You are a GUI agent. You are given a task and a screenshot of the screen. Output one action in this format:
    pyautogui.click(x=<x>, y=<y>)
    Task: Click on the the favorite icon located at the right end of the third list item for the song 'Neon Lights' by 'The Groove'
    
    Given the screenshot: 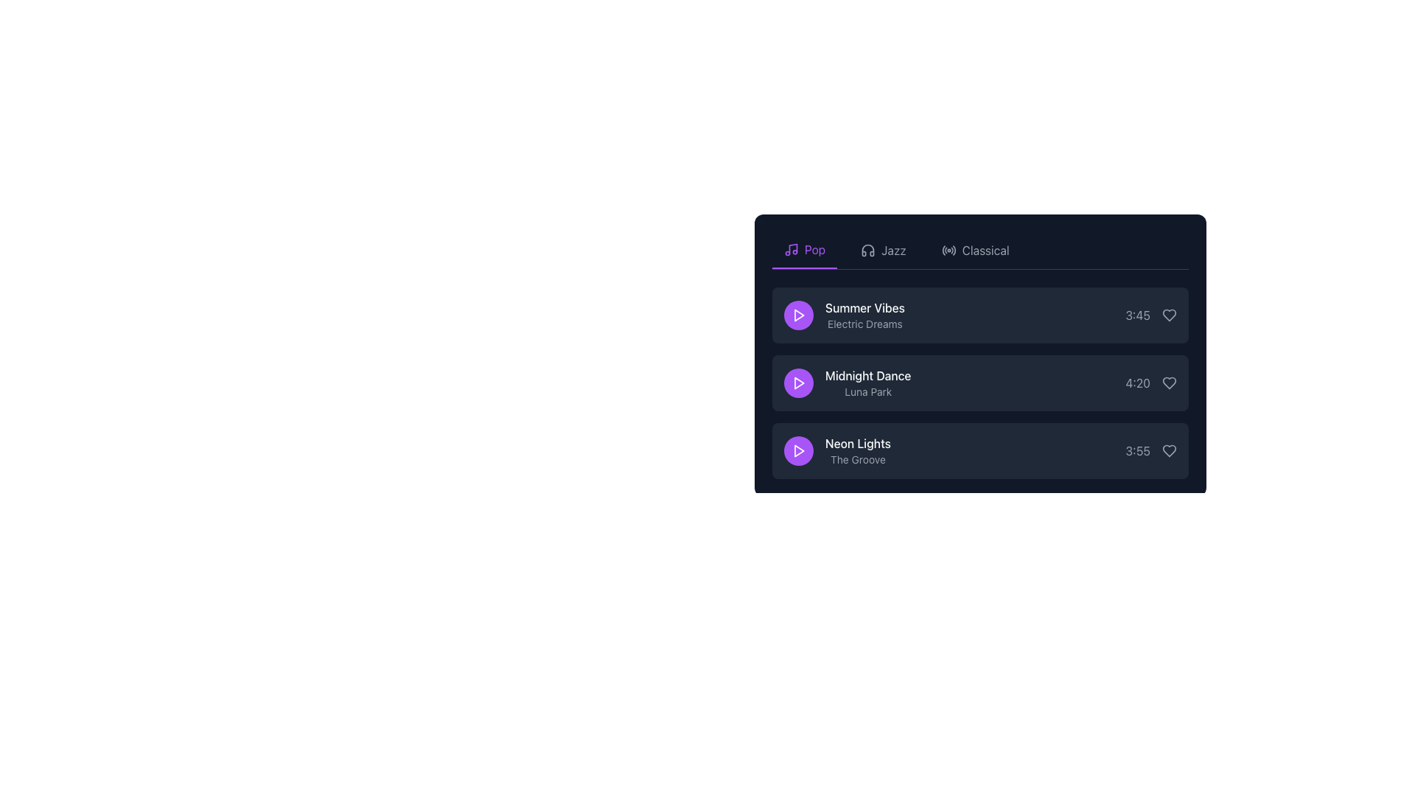 What is the action you would take?
    pyautogui.click(x=1169, y=450)
    